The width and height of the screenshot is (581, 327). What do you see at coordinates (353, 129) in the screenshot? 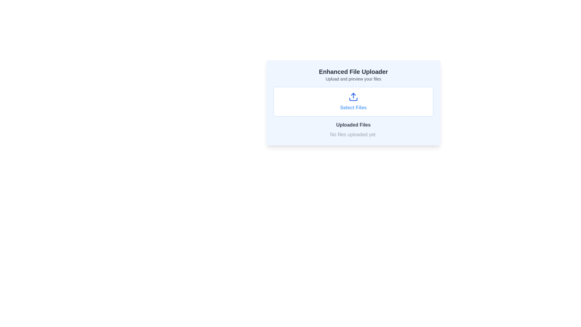
I see `the text display area labeled 'Uploaded Files' which shows 'No files uploaded yet.'` at bounding box center [353, 129].